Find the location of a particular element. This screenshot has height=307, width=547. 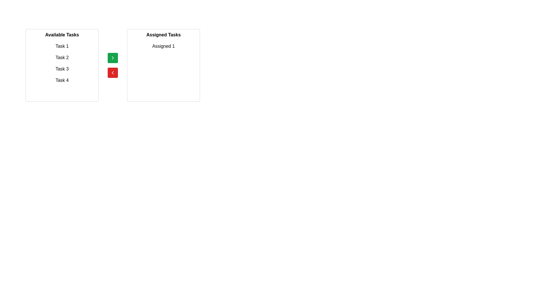

the header text label located at the top of the left card is located at coordinates (62, 35).